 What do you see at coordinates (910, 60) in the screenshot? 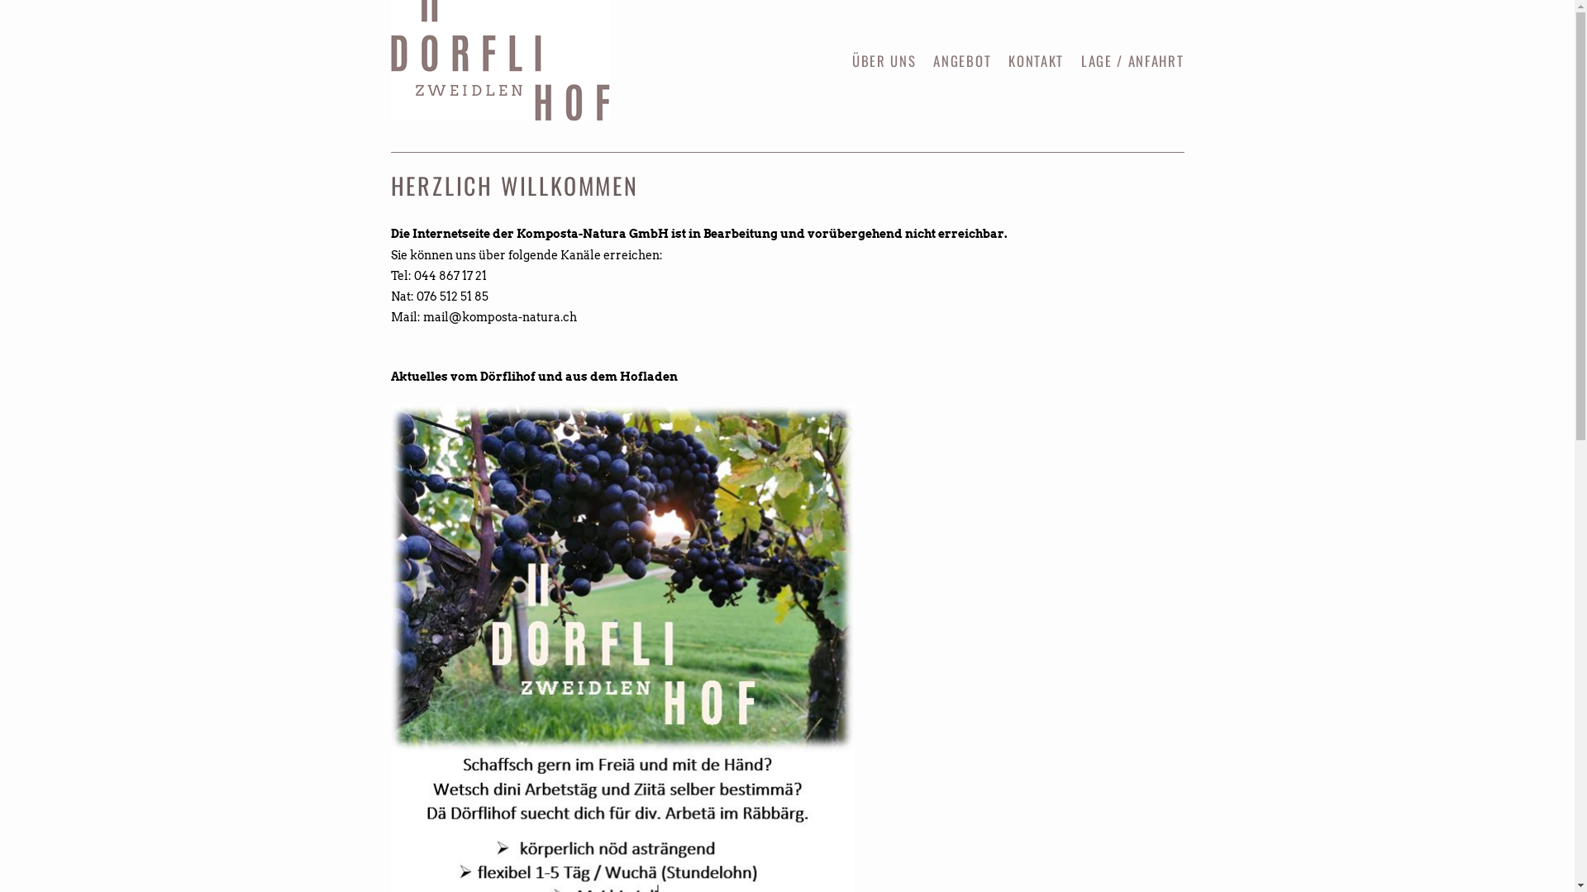
I see `'SKIP TO CONTENT'` at bounding box center [910, 60].